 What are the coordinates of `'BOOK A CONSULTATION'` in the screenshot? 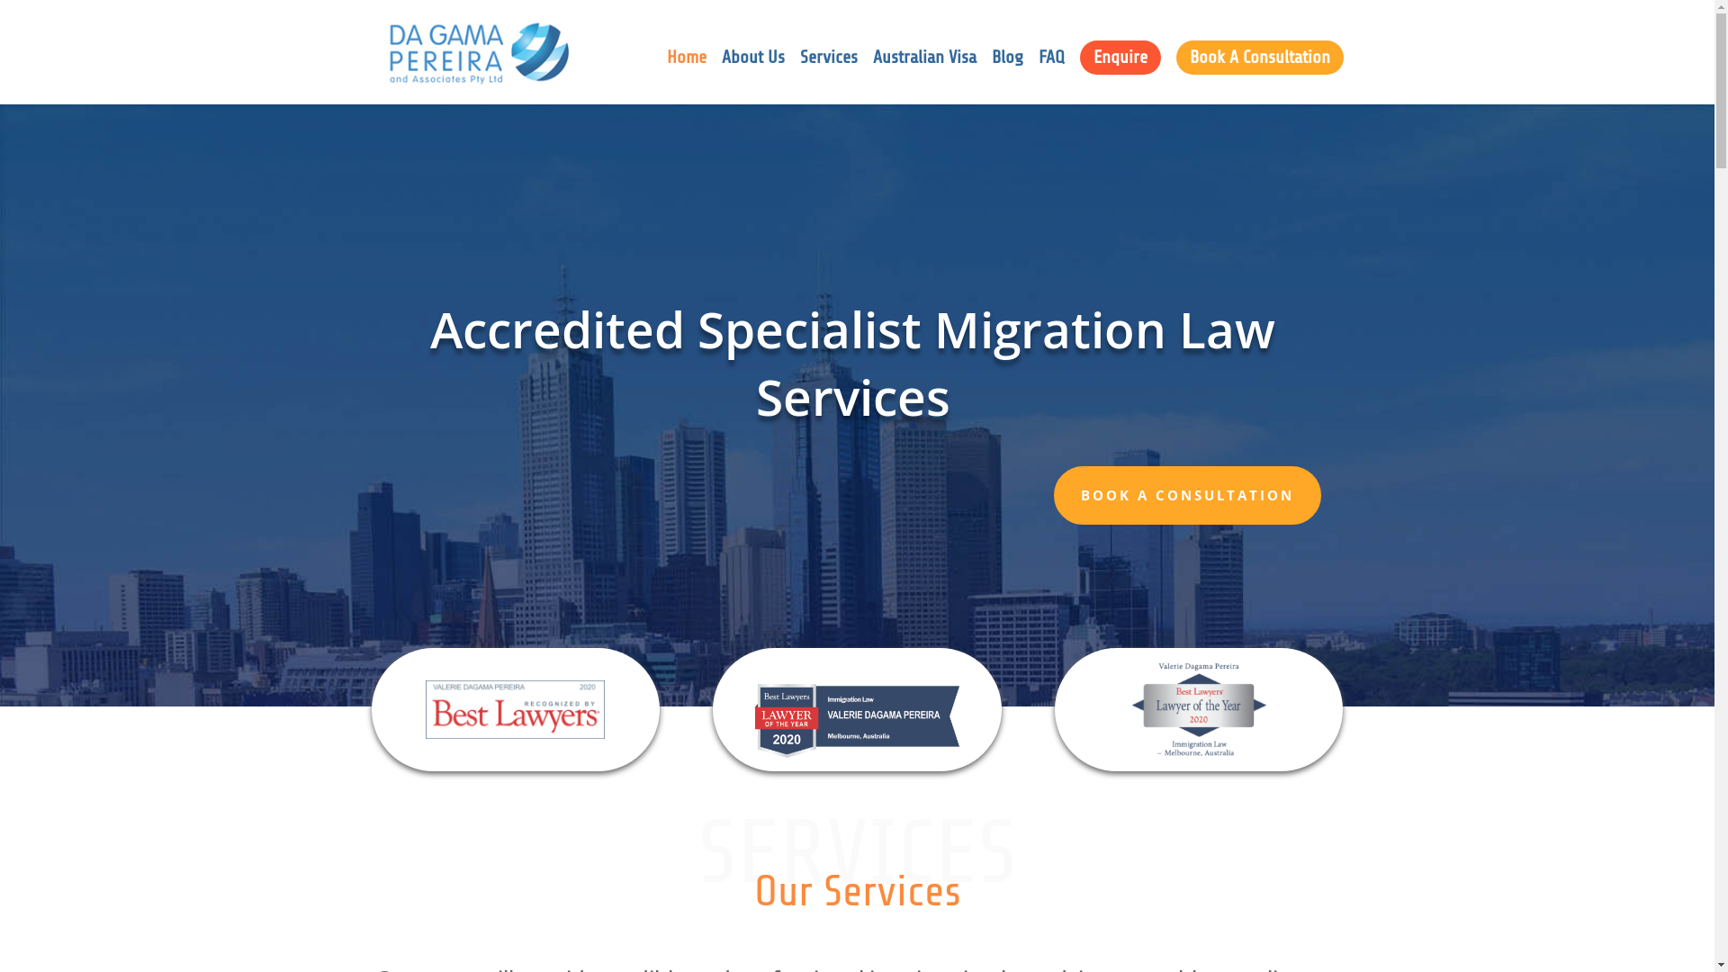 It's located at (1186, 495).